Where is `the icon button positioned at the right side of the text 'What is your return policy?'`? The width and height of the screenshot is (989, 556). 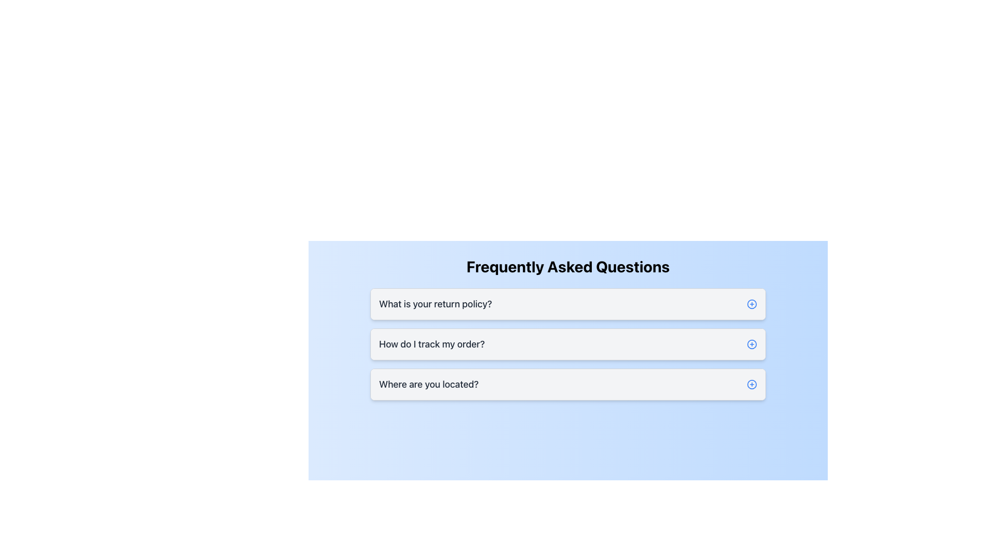
the icon button positioned at the right side of the text 'What is your return policy?' is located at coordinates (752, 303).